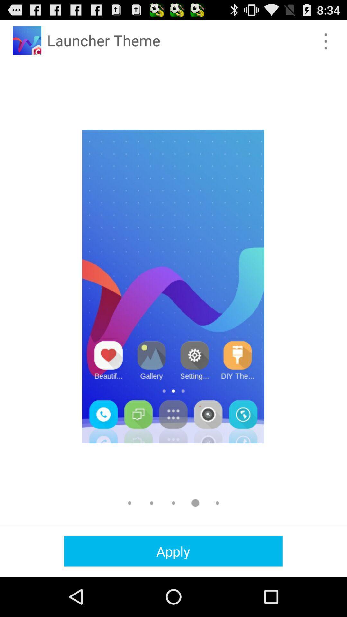 The width and height of the screenshot is (347, 617). Describe the element at coordinates (326, 41) in the screenshot. I see `for the menu option` at that location.